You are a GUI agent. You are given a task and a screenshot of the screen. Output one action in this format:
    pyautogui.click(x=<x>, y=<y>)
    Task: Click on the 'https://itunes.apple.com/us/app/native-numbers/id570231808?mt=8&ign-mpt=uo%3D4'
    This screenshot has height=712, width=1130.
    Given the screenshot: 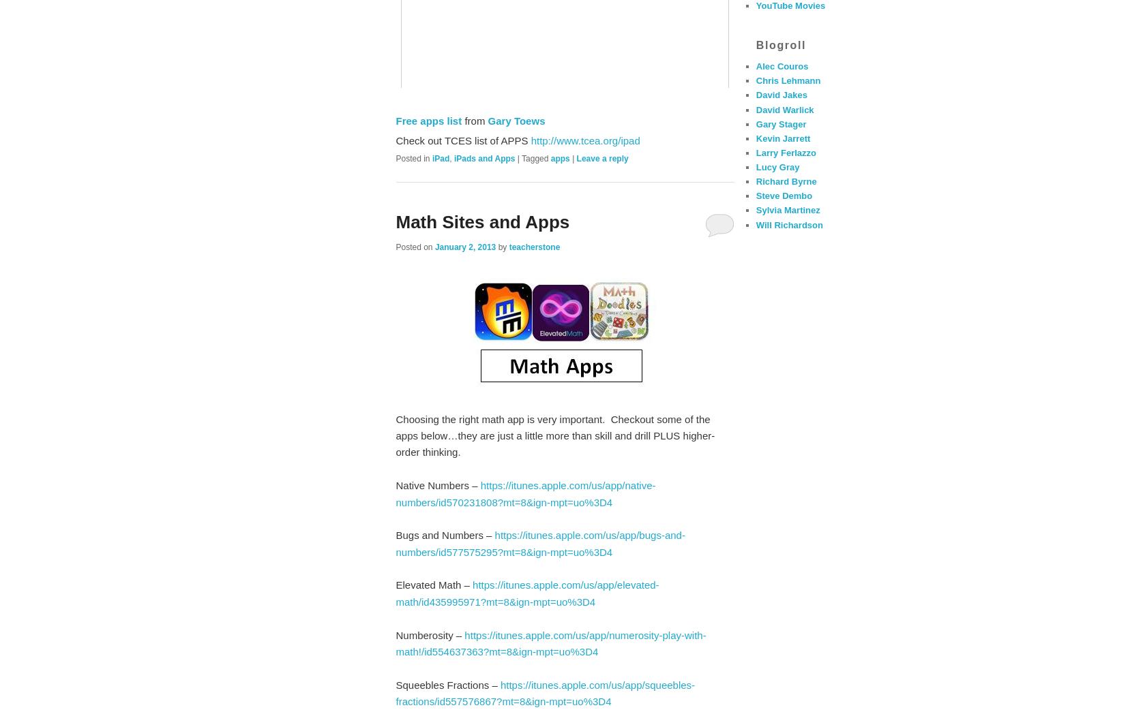 What is the action you would take?
    pyautogui.click(x=524, y=493)
    